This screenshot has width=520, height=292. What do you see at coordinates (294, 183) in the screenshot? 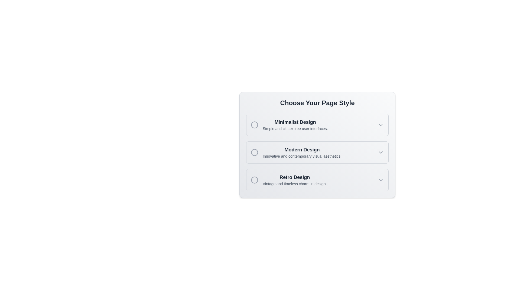
I see `the text label that reads 'Vintage and timeless charm in design.' located beneath the 'Retro Design' heading in the vertical selection menu` at bounding box center [294, 183].